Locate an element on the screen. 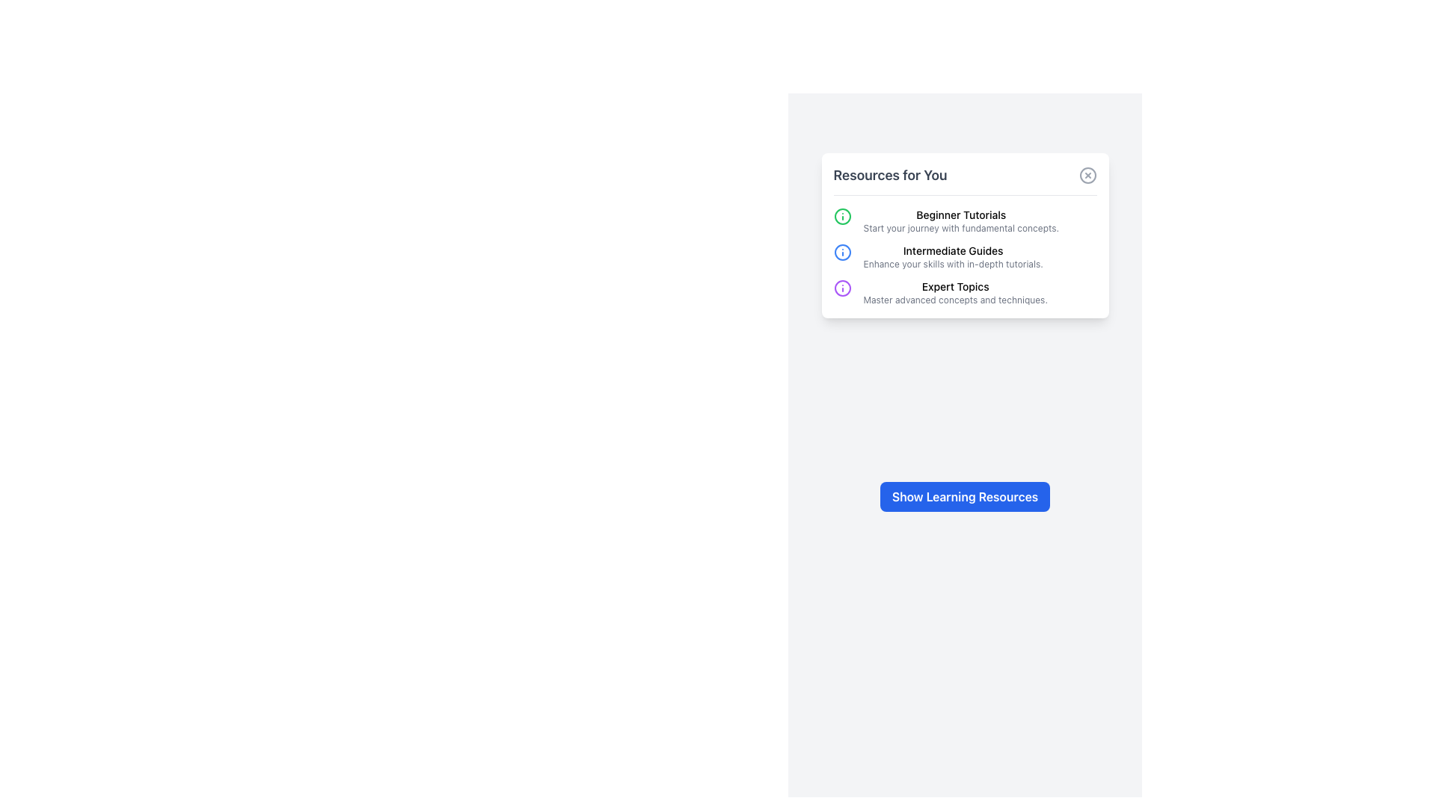  textual content titled 'Expert Topics' which includes the subtitle 'Master advanced concepts and techniques.' located within the Resources for You section is located at coordinates (954, 293).